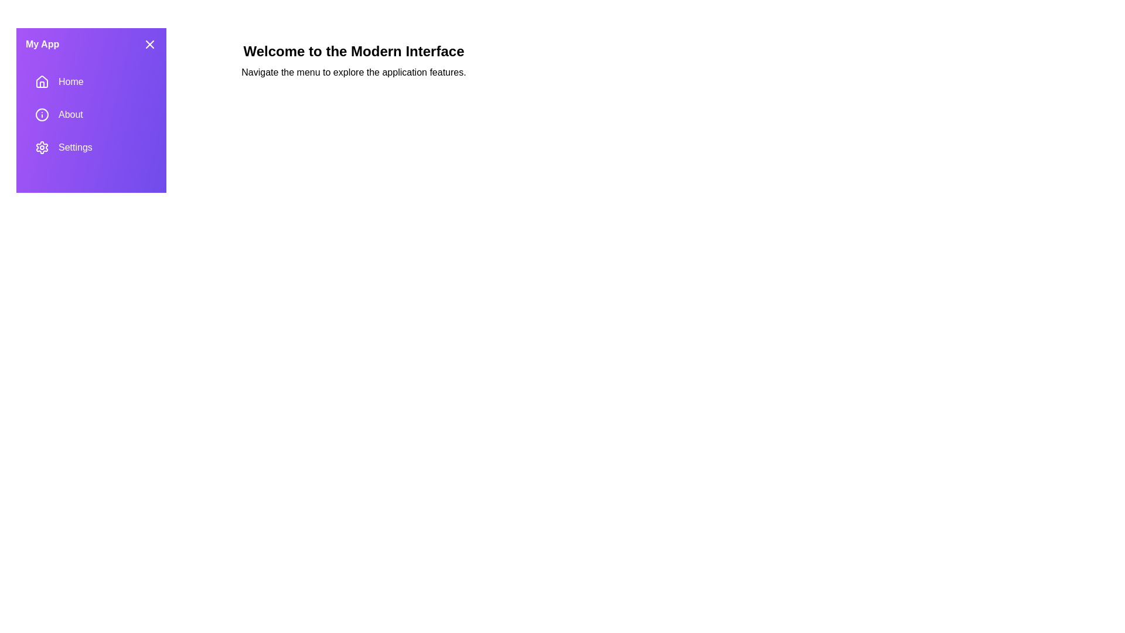  Describe the element at coordinates (91, 81) in the screenshot. I see `the drawer section labeled Home` at that location.